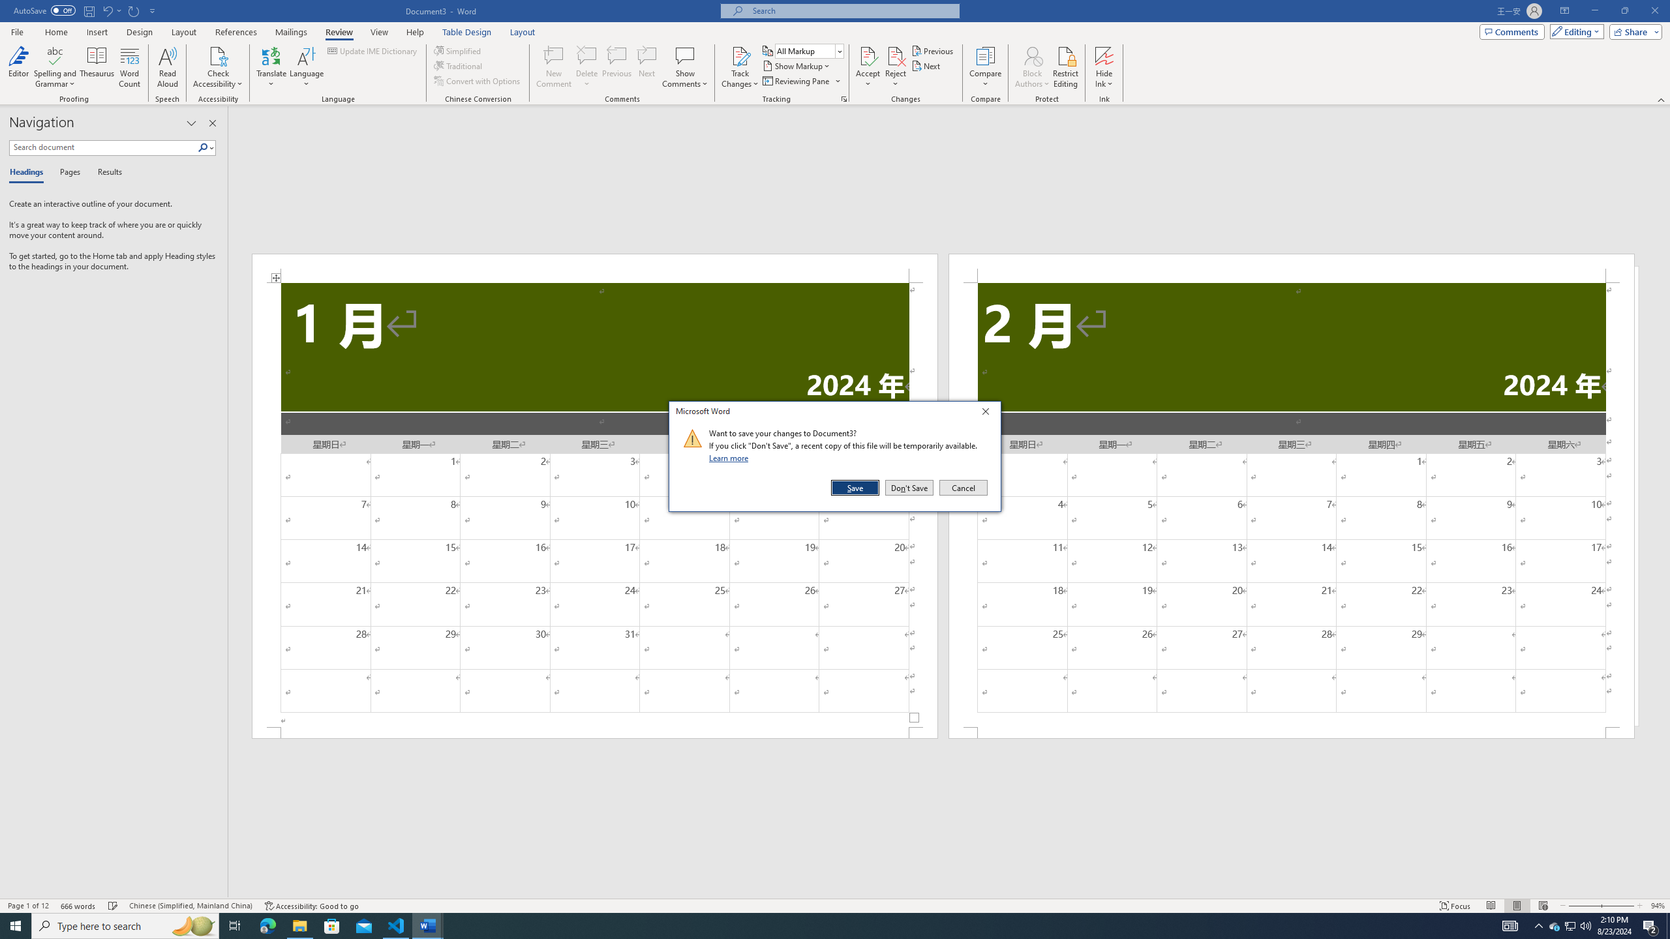 The image size is (1670, 939). What do you see at coordinates (290, 32) in the screenshot?
I see `'Mailings'` at bounding box center [290, 32].